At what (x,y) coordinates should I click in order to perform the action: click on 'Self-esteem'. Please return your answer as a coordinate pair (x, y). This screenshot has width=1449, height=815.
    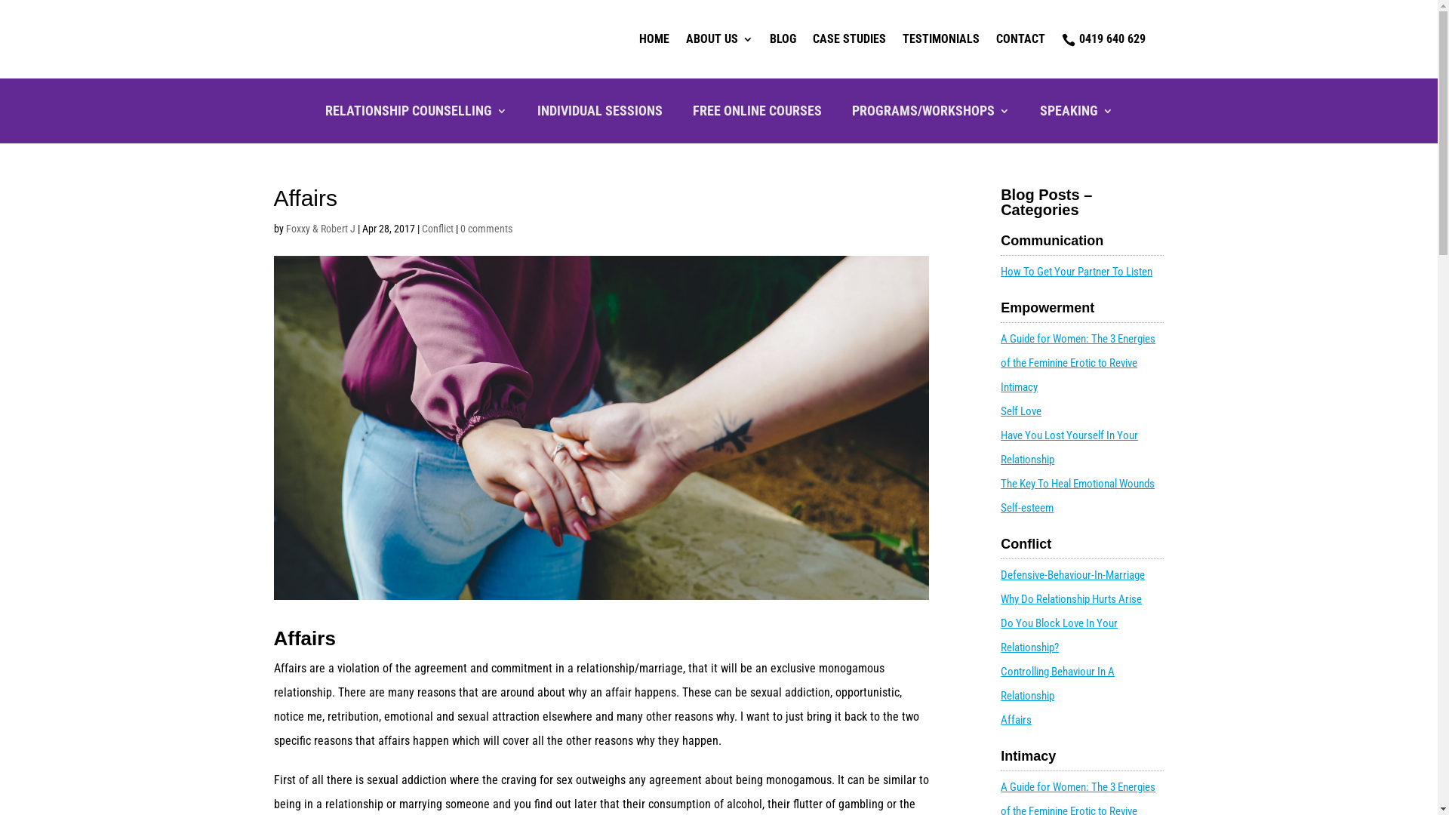
    Looking at the image, I should click on (1026, 507).